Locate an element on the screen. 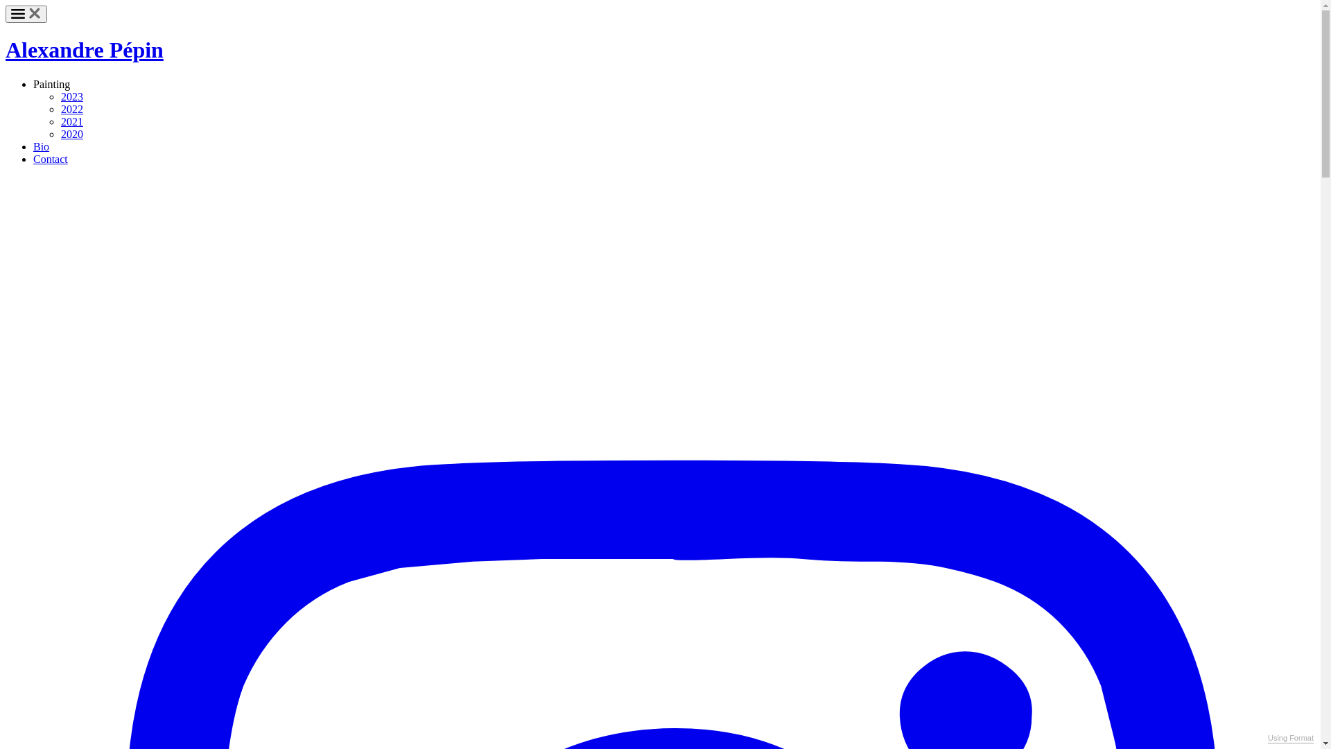 Image resolution: width=1331 pixels, height=749 pixels. '2021' is located at coordinates (71, 121).